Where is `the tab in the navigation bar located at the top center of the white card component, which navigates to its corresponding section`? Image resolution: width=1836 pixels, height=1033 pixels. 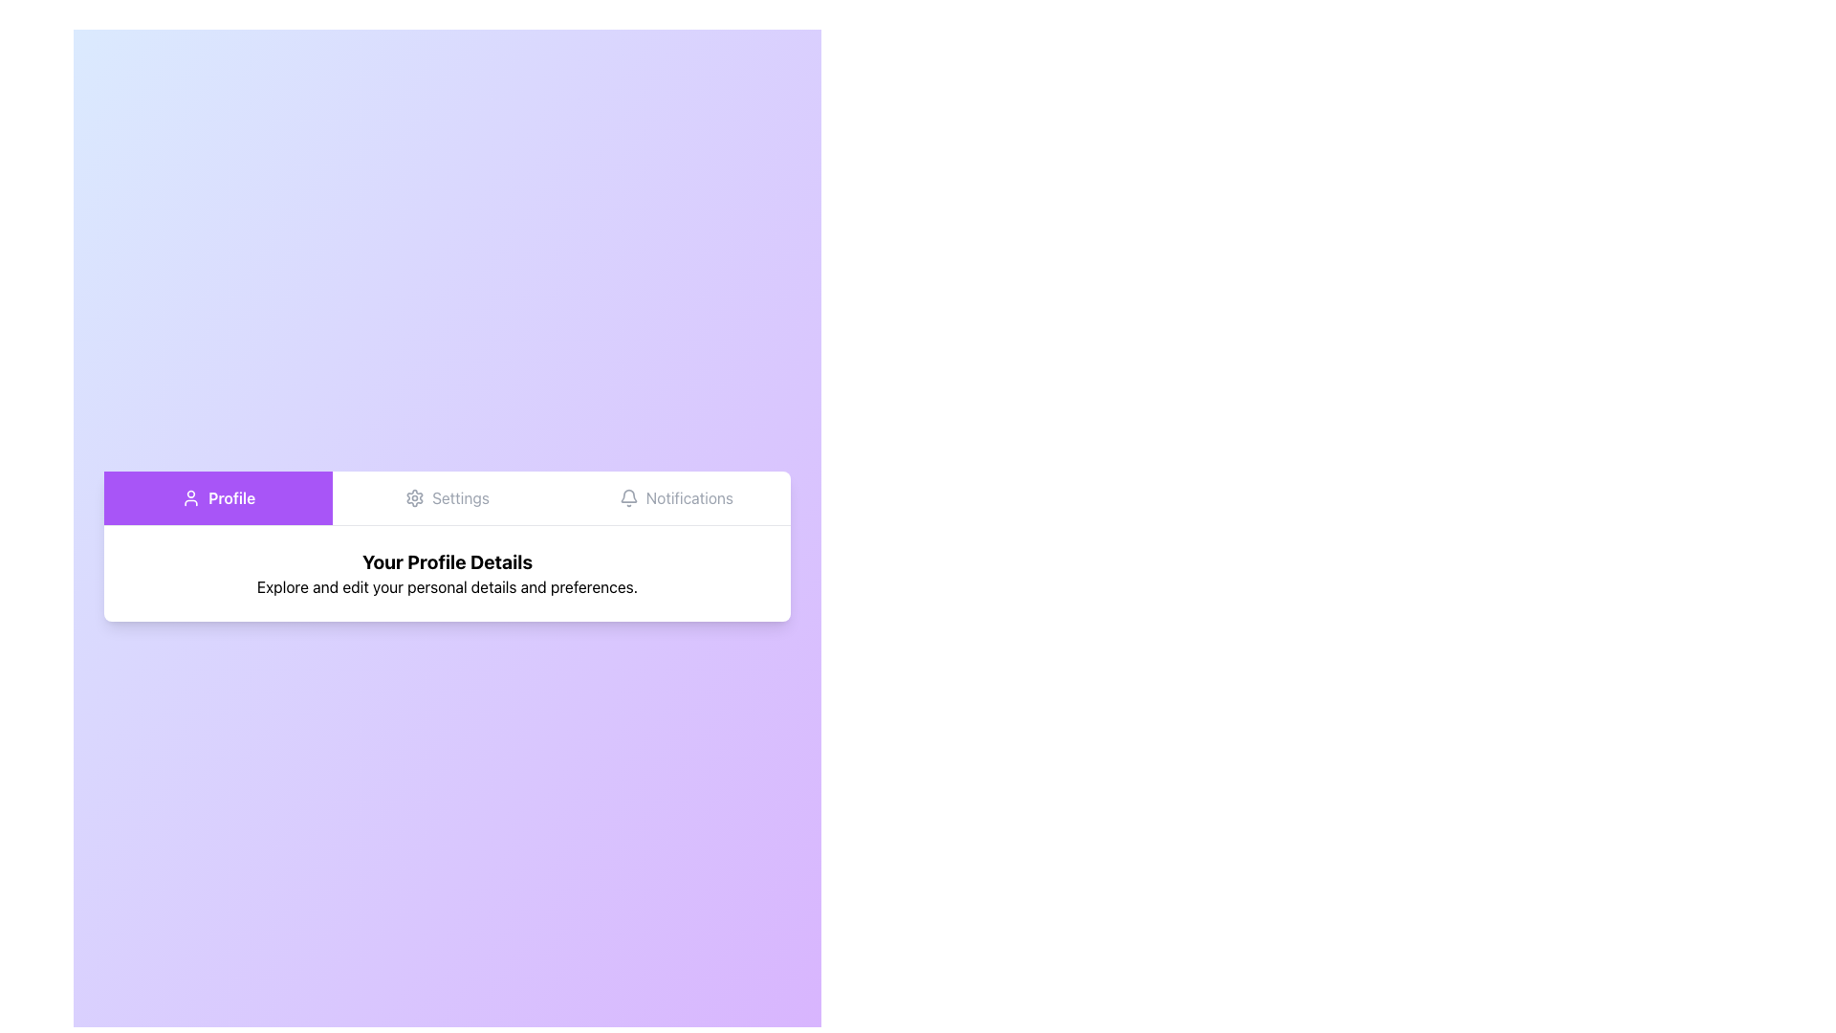 the tab in the navigation bar located at the top center of the white card component, which navigates to its corresponding section is located at coordinates (446, 496).